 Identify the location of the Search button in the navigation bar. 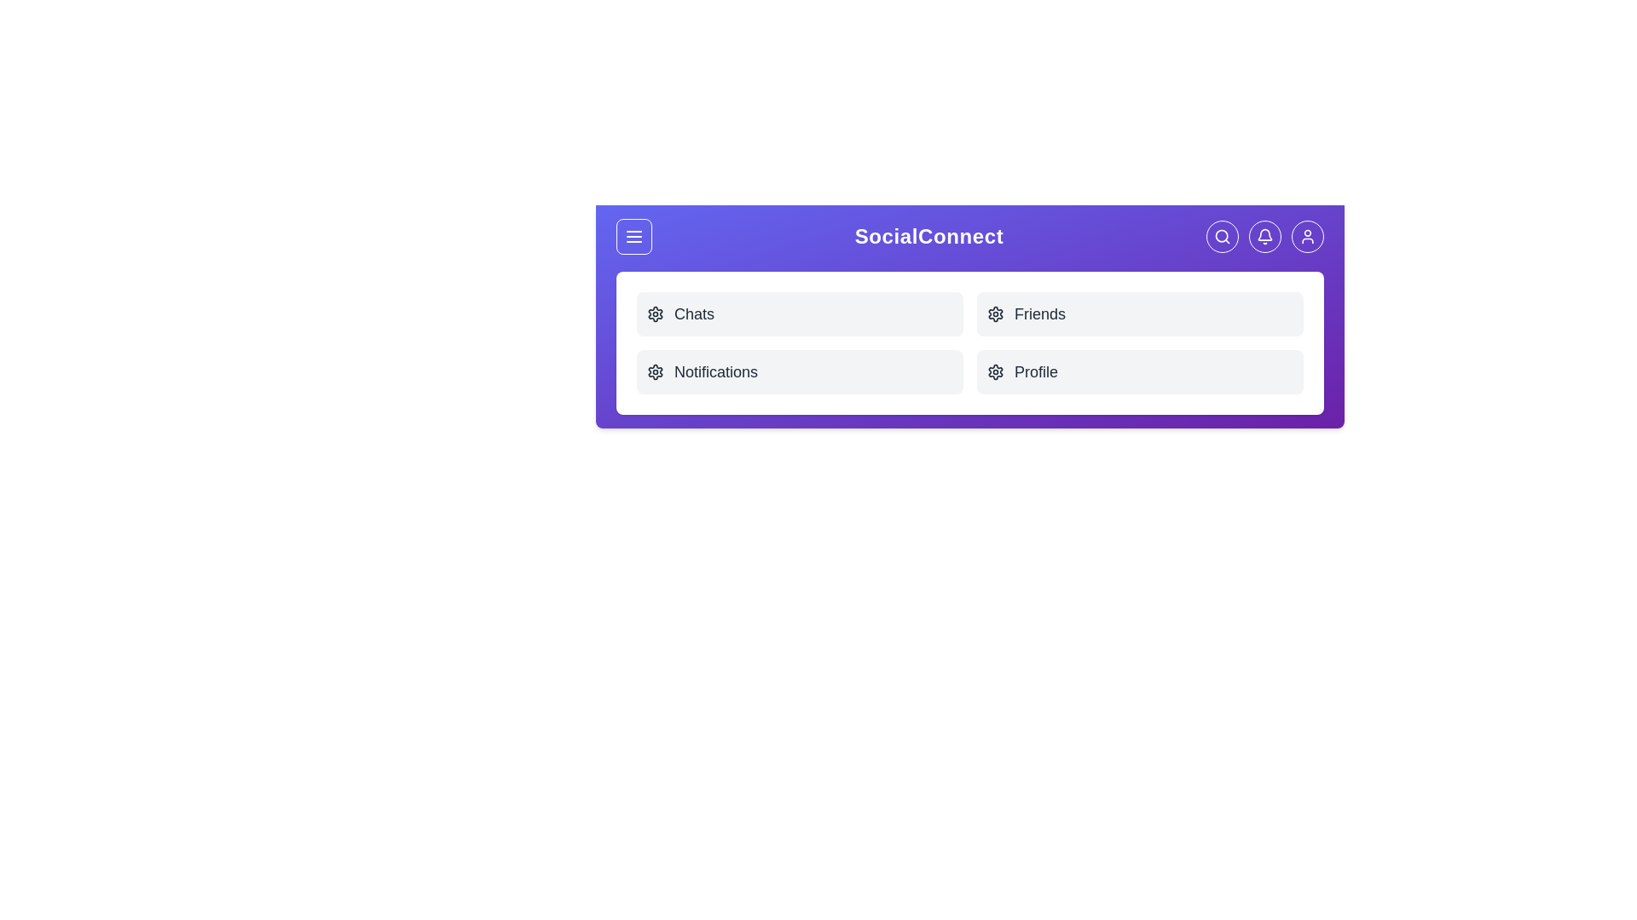
(1222, 236).